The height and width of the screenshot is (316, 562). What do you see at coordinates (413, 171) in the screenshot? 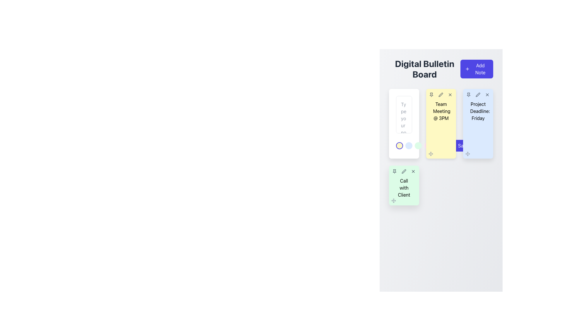
I see `the circular button with an 'X' icon in the upper-right corner of the 'Call with Client' green card` at bounding box center [413, 171].